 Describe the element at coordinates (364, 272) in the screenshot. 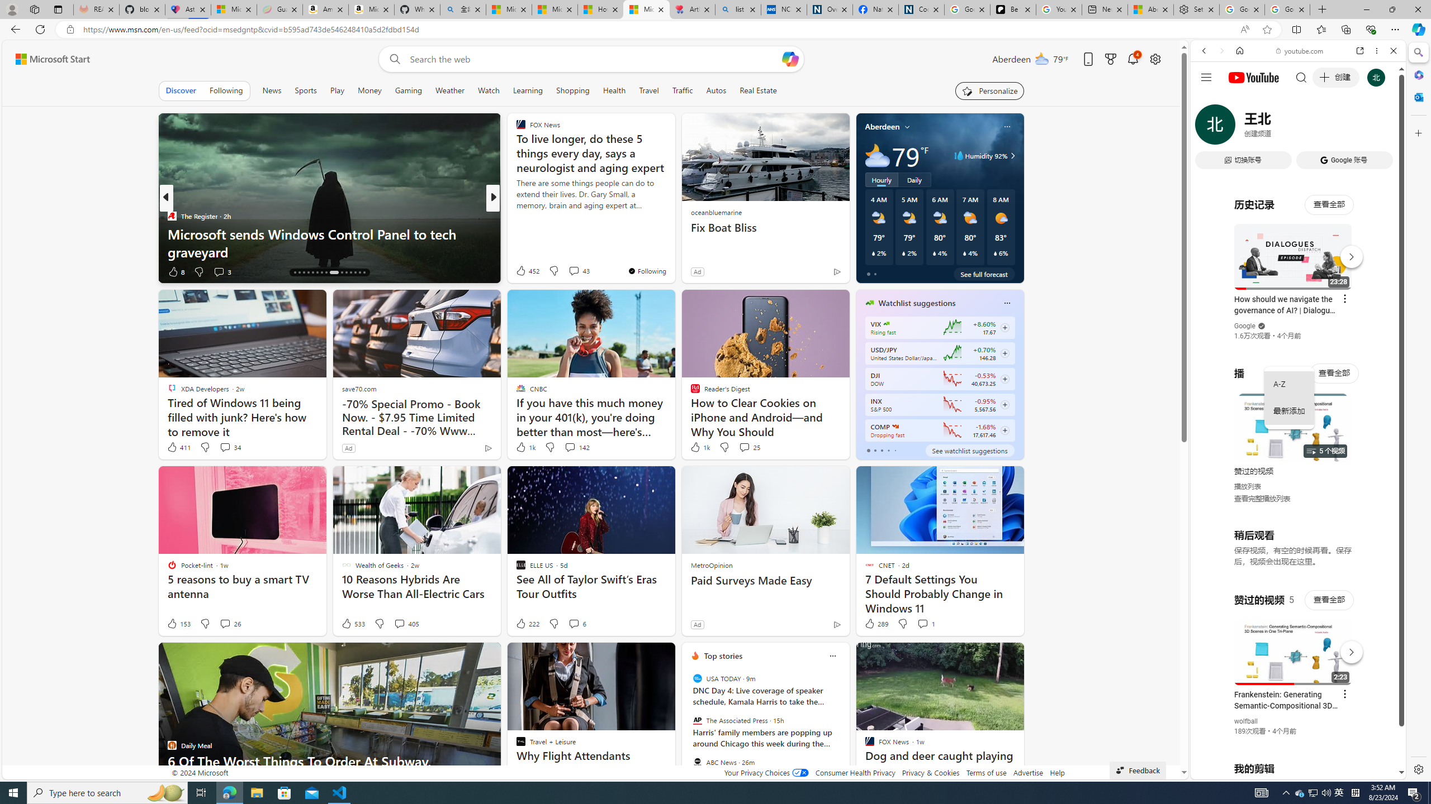

I see `'AutomationID: tab-30'` at that location.